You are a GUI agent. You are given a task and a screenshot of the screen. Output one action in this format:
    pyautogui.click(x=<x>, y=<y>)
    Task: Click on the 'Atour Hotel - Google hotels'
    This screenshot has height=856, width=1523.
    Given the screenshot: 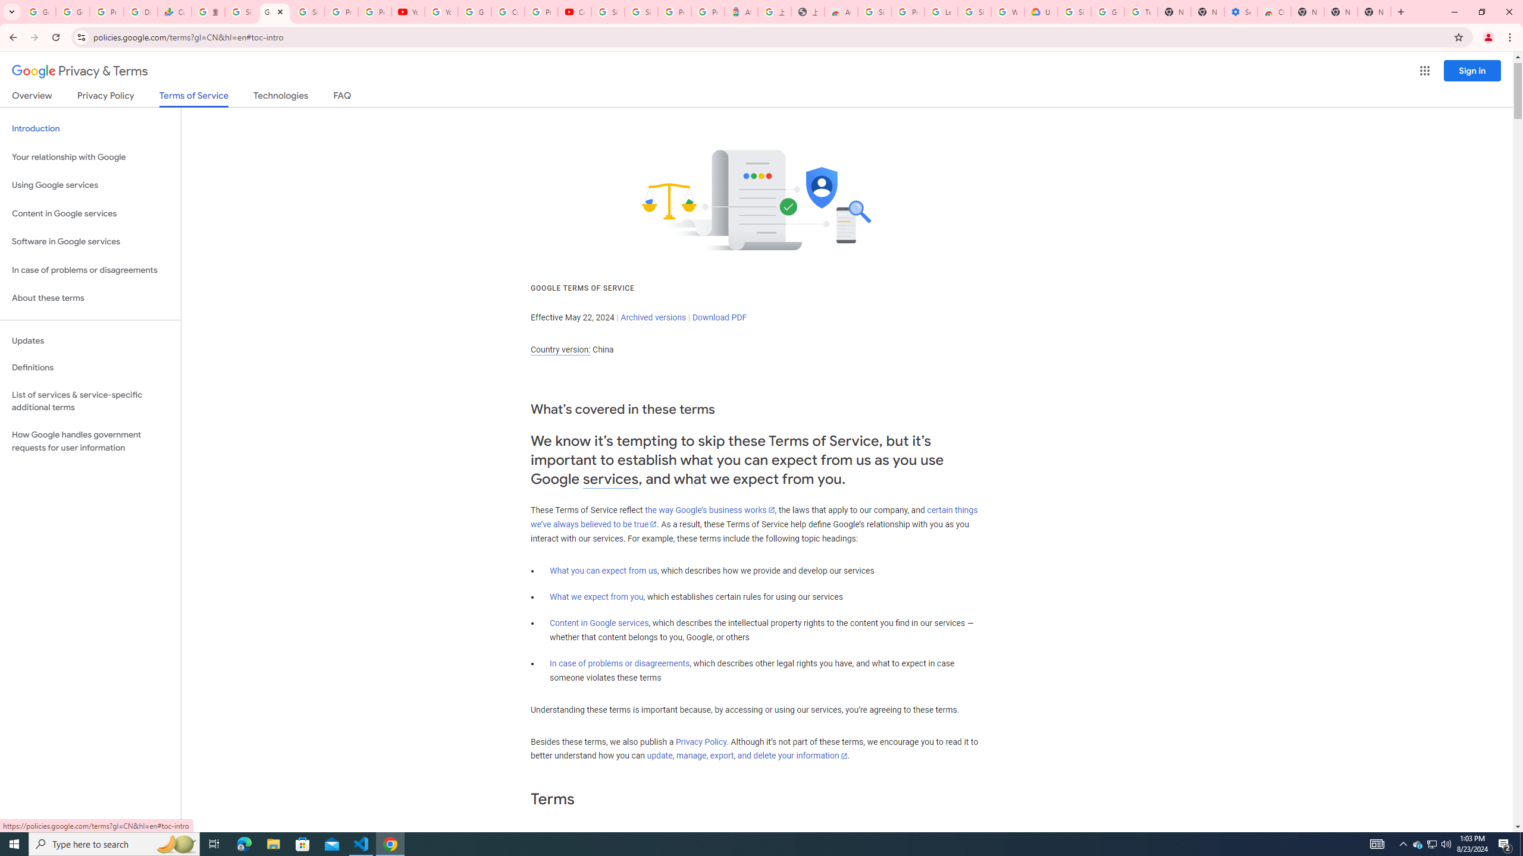 What is the action you would take?
    pyautogui.click(x=740, y=11)
    